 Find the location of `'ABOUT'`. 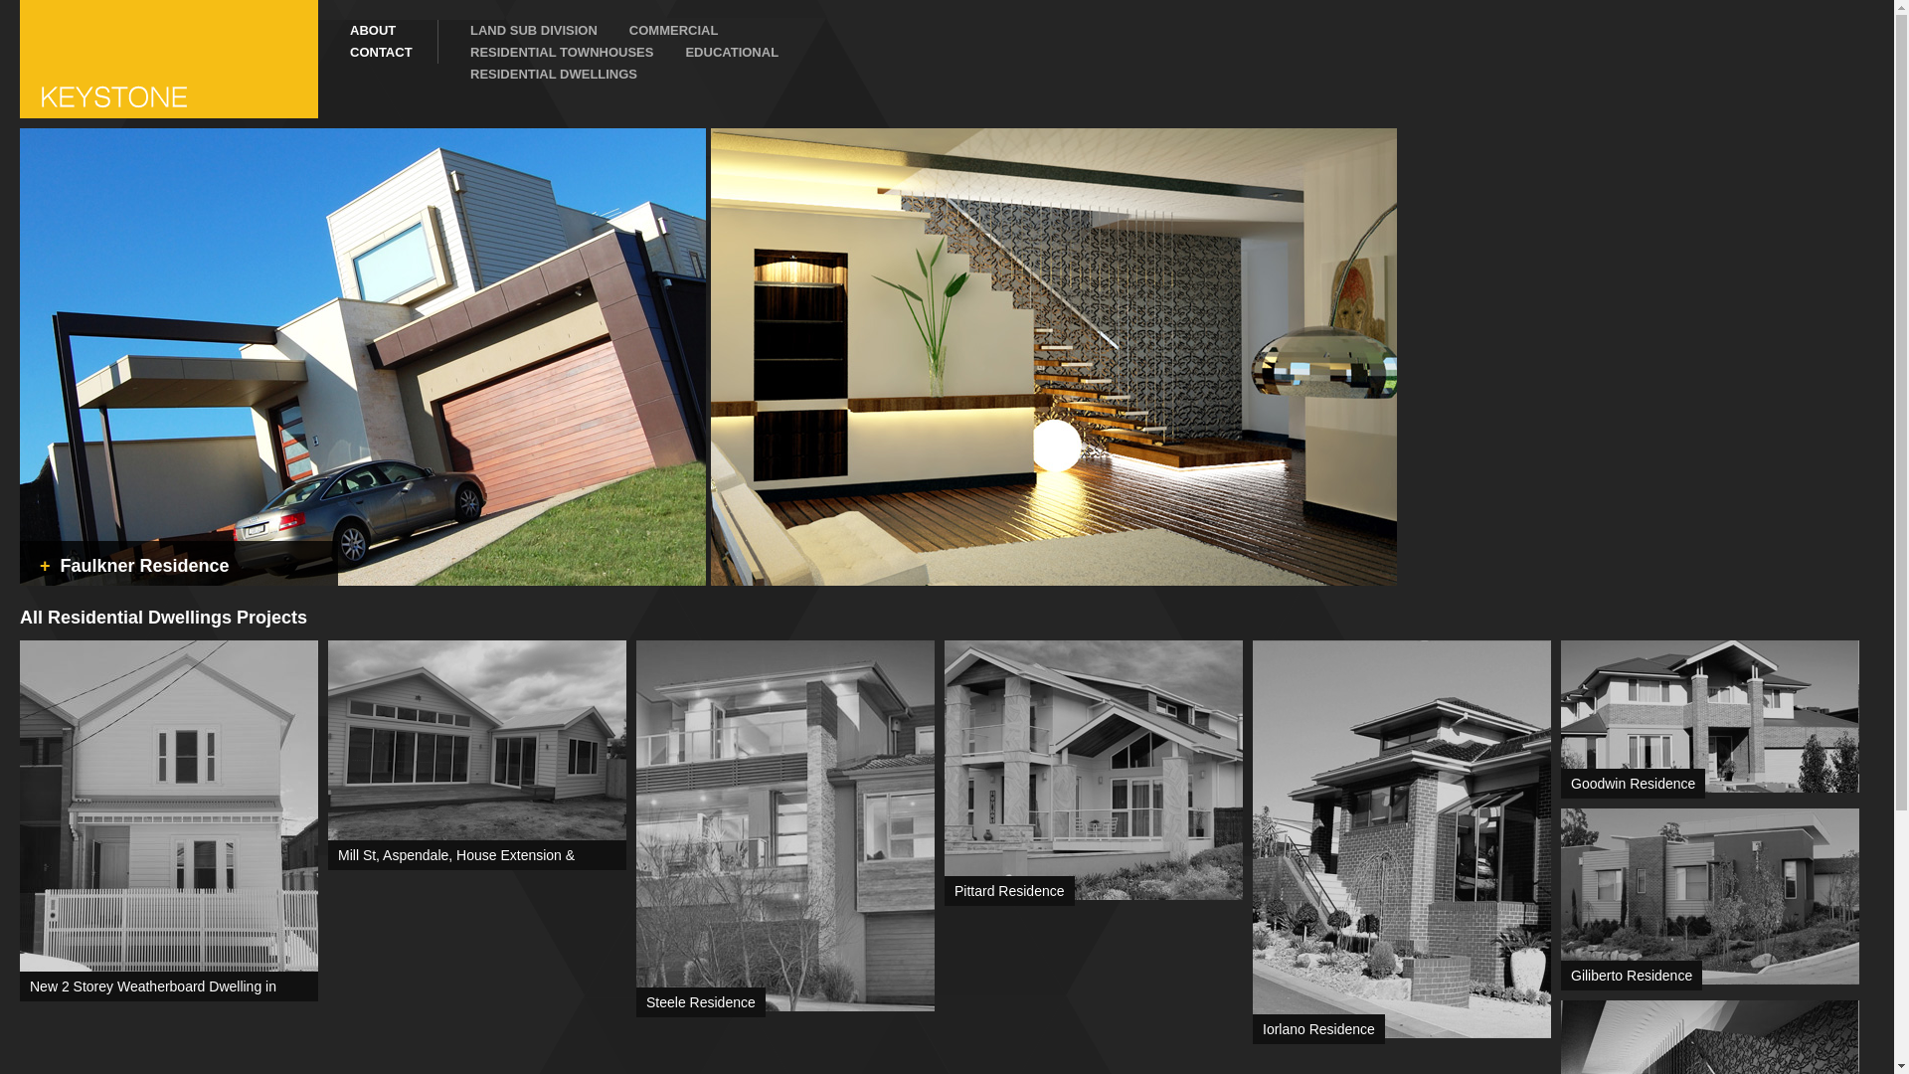

'ABOUT' is located at coordinates (377, 30).